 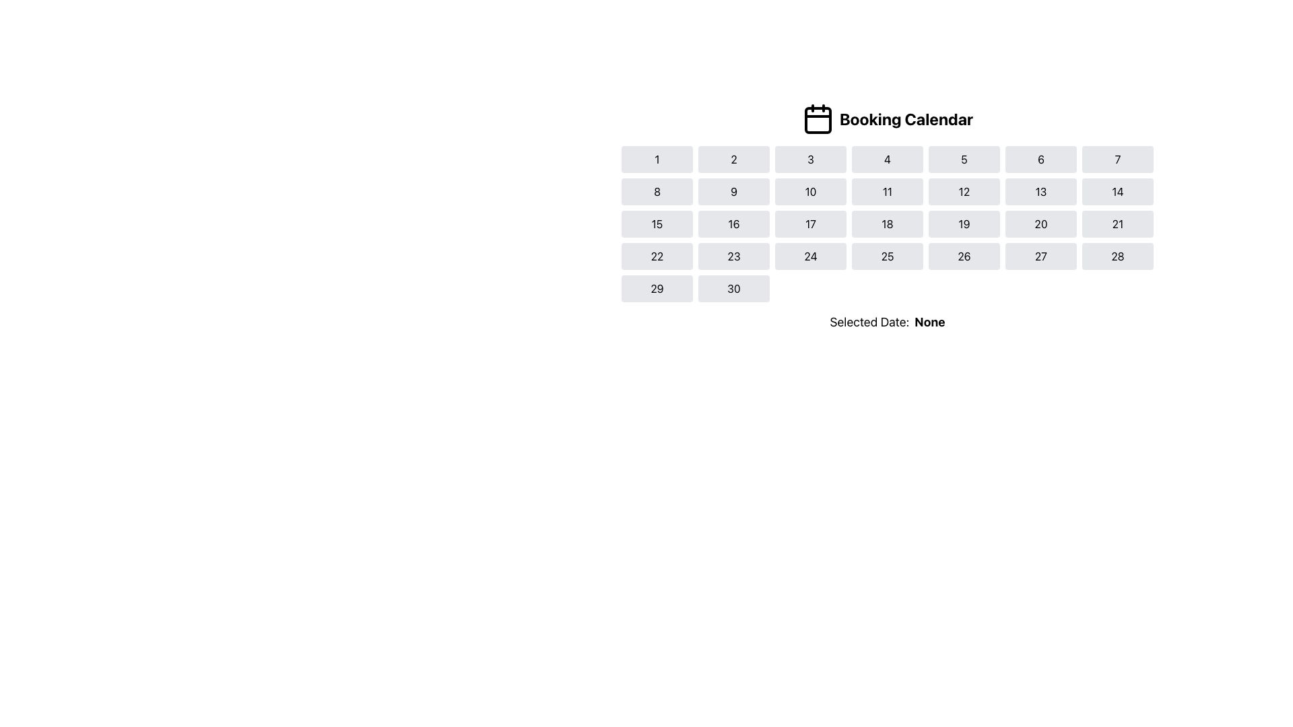 I want to click on the button labeled '30' located in the bottom-right corner of the grid, which has a light gray background and centered black text, so click(x=733, y=287).